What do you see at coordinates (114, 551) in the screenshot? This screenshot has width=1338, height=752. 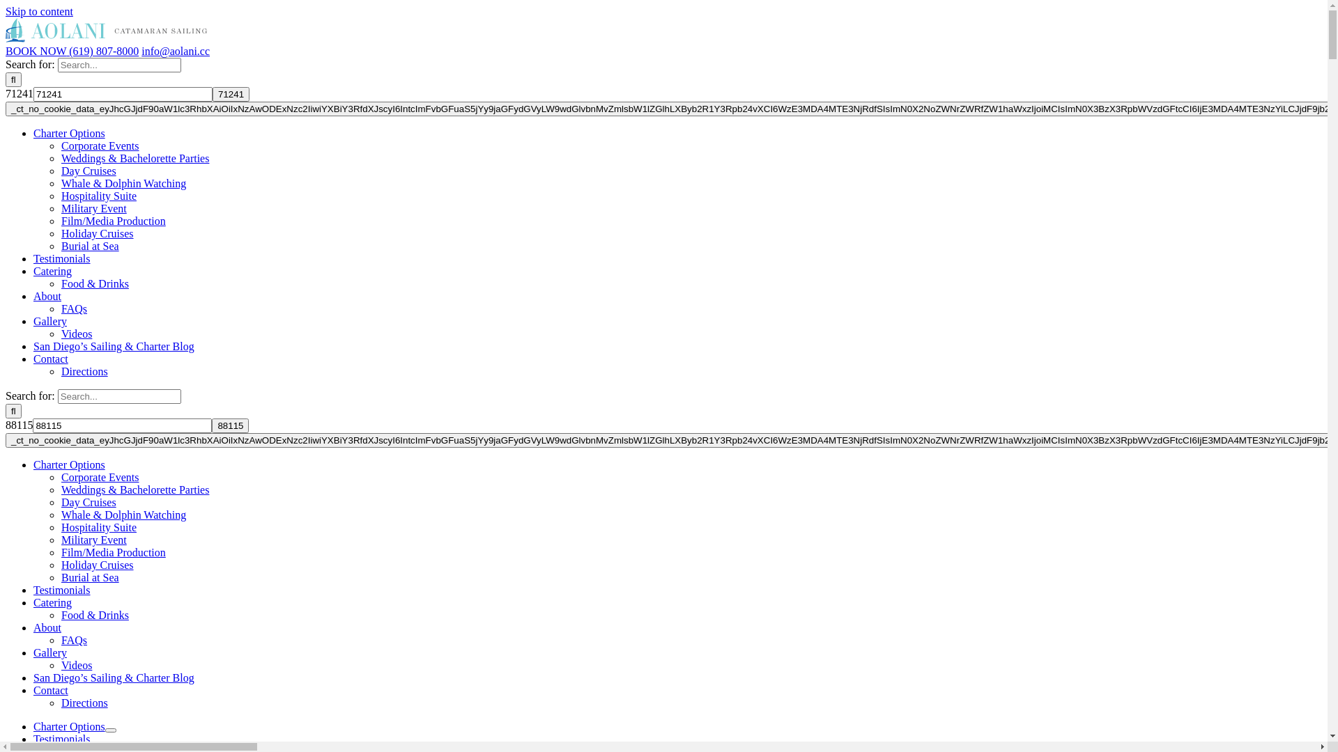 I see `'Film/Media Production'` at bounding box center [114, 551].